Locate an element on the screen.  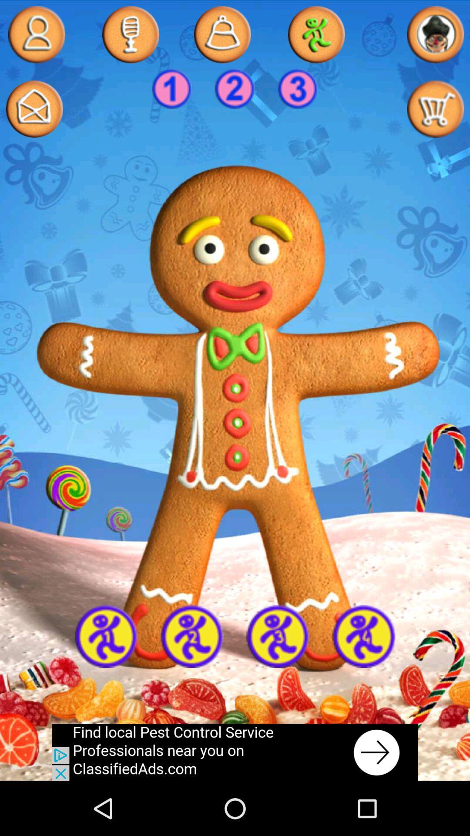
the cart icon is located at coordinates (435, 116).